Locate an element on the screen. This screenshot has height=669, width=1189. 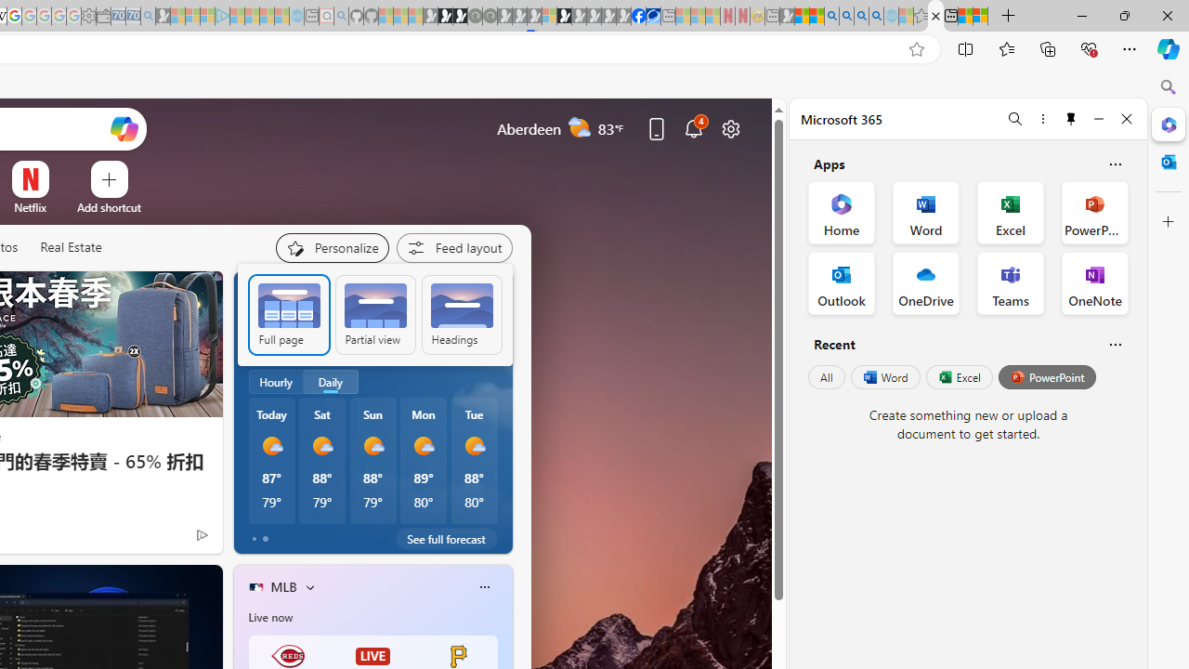
'Word Office App' is located at coordinates (926, 211).